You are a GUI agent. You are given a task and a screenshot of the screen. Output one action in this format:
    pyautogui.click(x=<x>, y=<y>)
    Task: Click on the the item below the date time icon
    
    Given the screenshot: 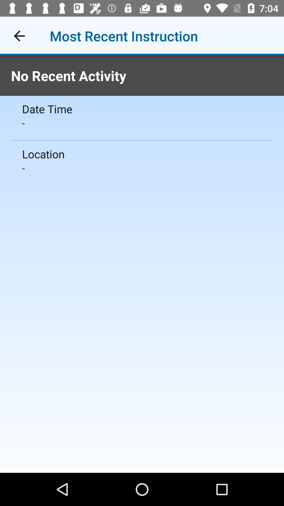 What is the action you would take?
    pyautogui.click(x=142, y=123)
    